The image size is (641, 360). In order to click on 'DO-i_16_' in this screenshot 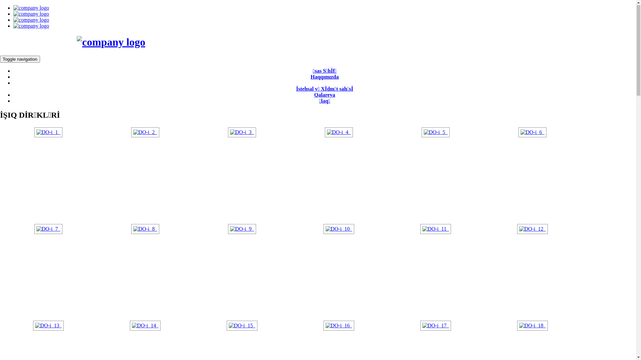, I will do `click(339, 325)`.